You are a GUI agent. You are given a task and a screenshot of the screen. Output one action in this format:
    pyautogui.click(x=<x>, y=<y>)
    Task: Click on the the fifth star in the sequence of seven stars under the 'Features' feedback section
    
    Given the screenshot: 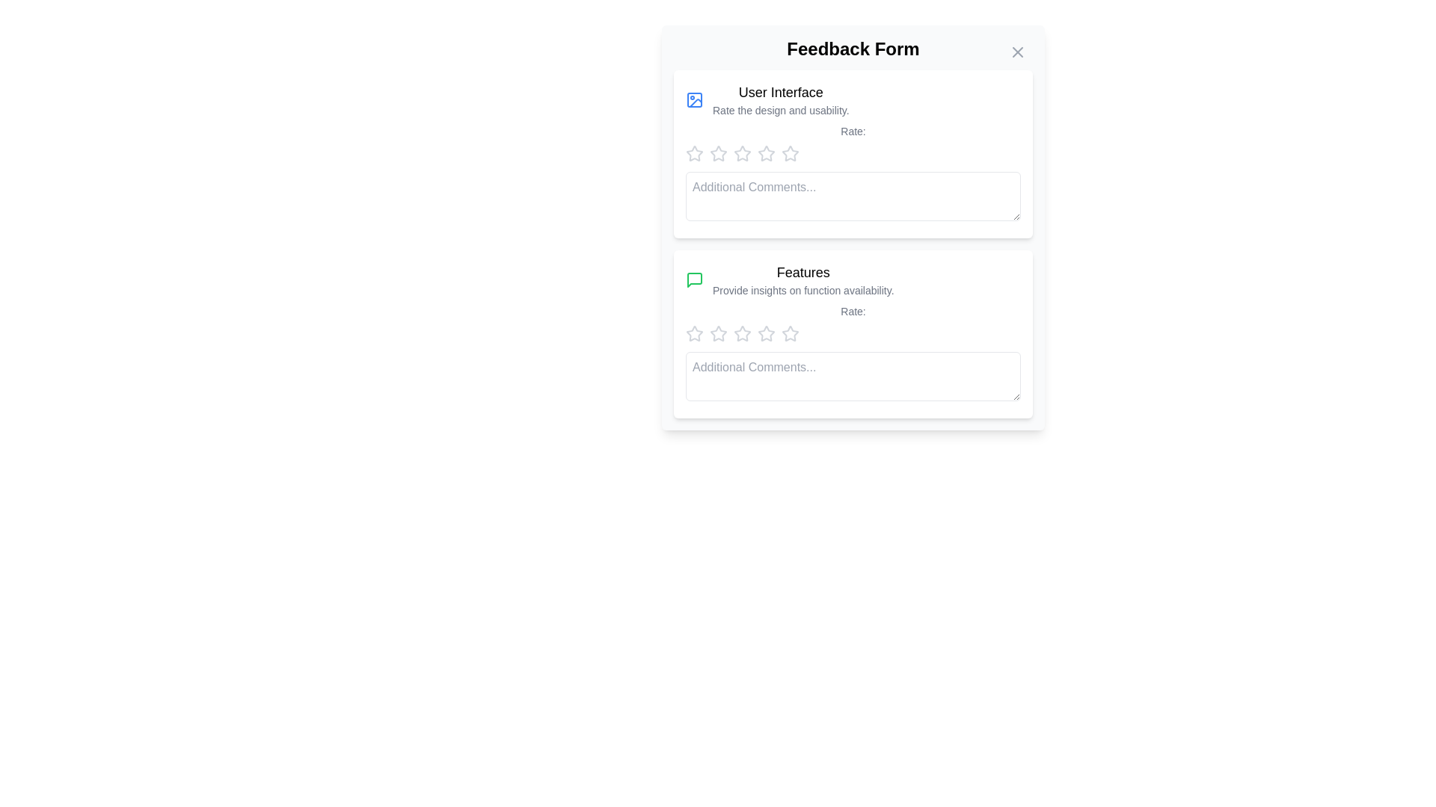 What is the action you would take?
    pyautogui.click(x=743, y=333)
    